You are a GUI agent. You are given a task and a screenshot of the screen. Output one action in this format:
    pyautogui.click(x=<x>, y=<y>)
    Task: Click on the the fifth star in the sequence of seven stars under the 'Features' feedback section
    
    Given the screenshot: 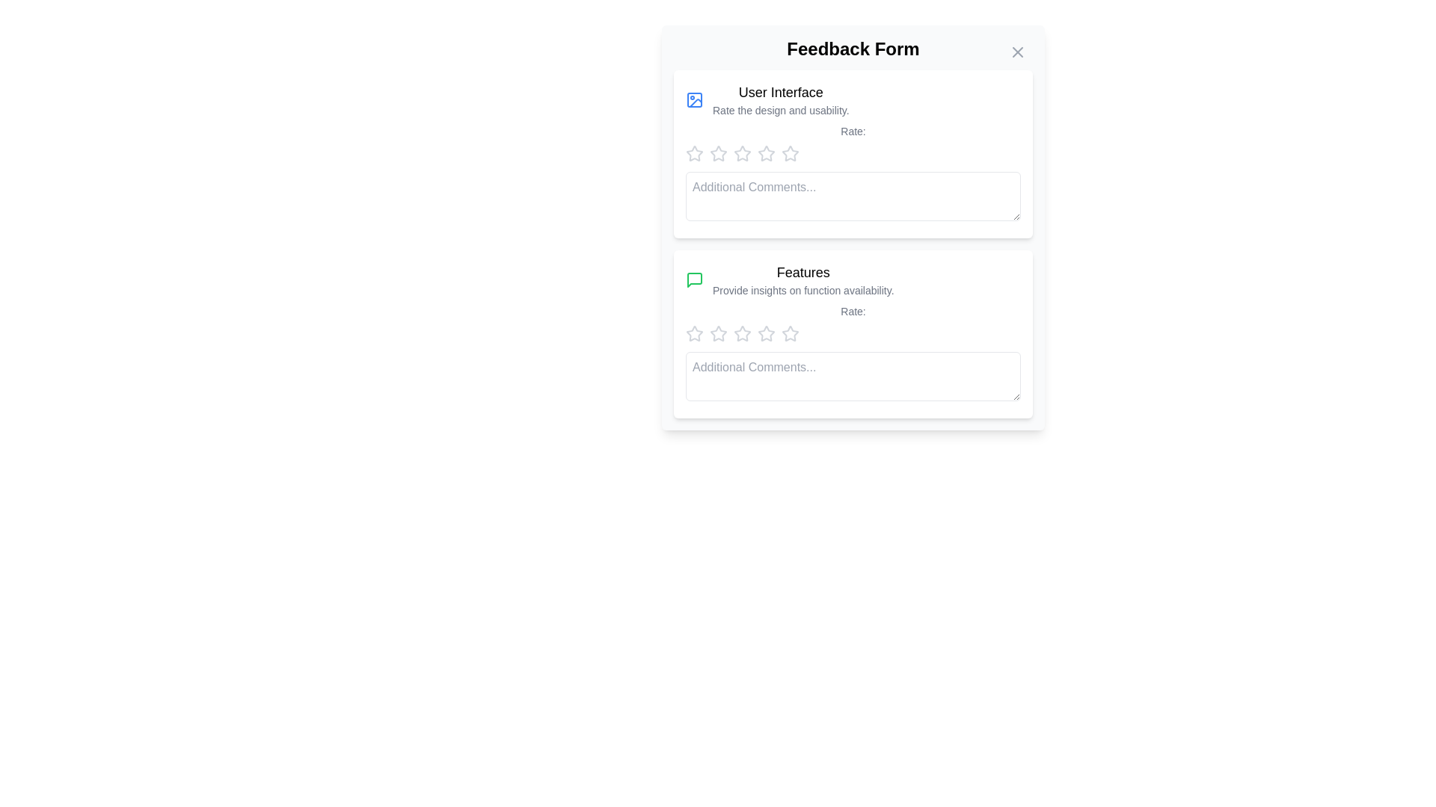 What is the action you would take?
    pyautogui.click(x=743, y=333)
    